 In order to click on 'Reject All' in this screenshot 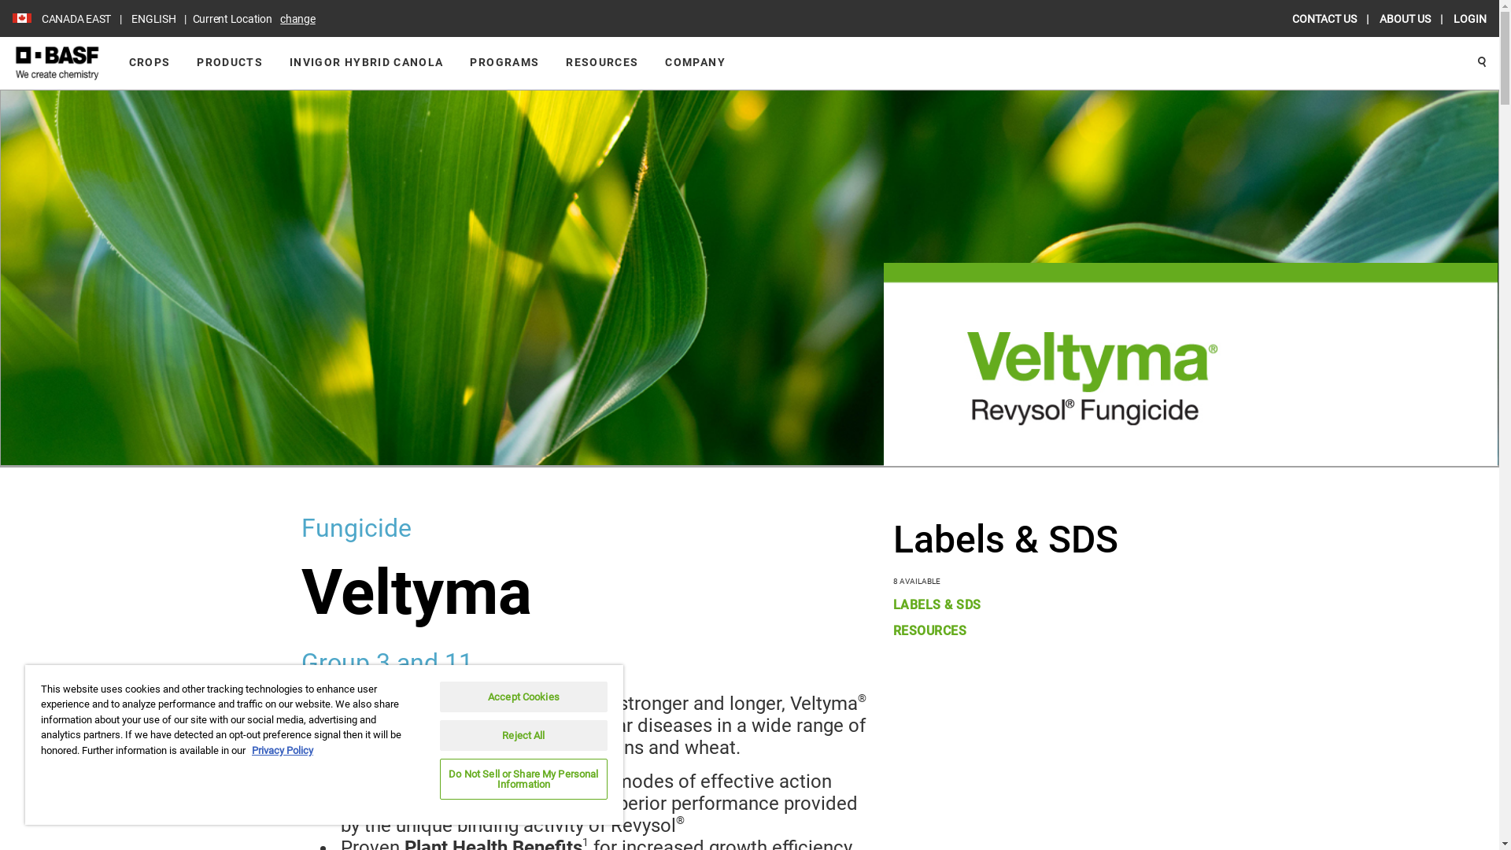, I will do `click(523, 735)`.